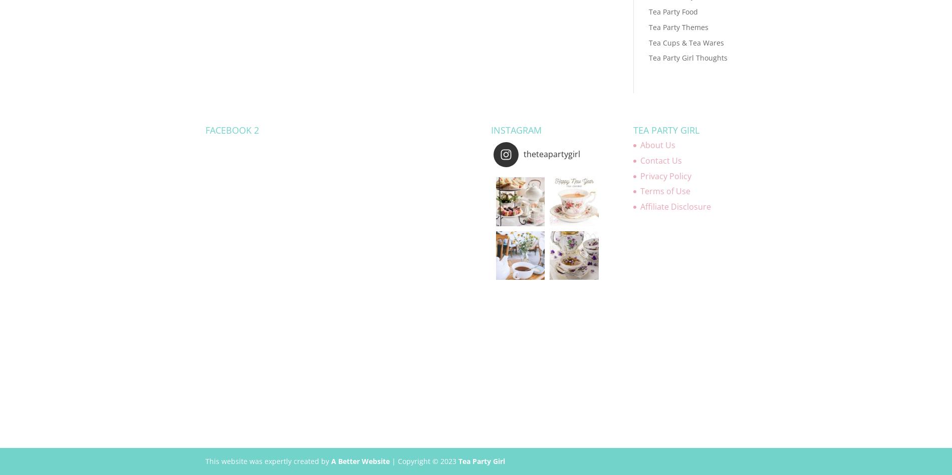 The height and width of the screenshot is (475, 952). Describe the element at coordinates (458, 460) in the screenshot. I see `'Tea Party Girl'` at that location.